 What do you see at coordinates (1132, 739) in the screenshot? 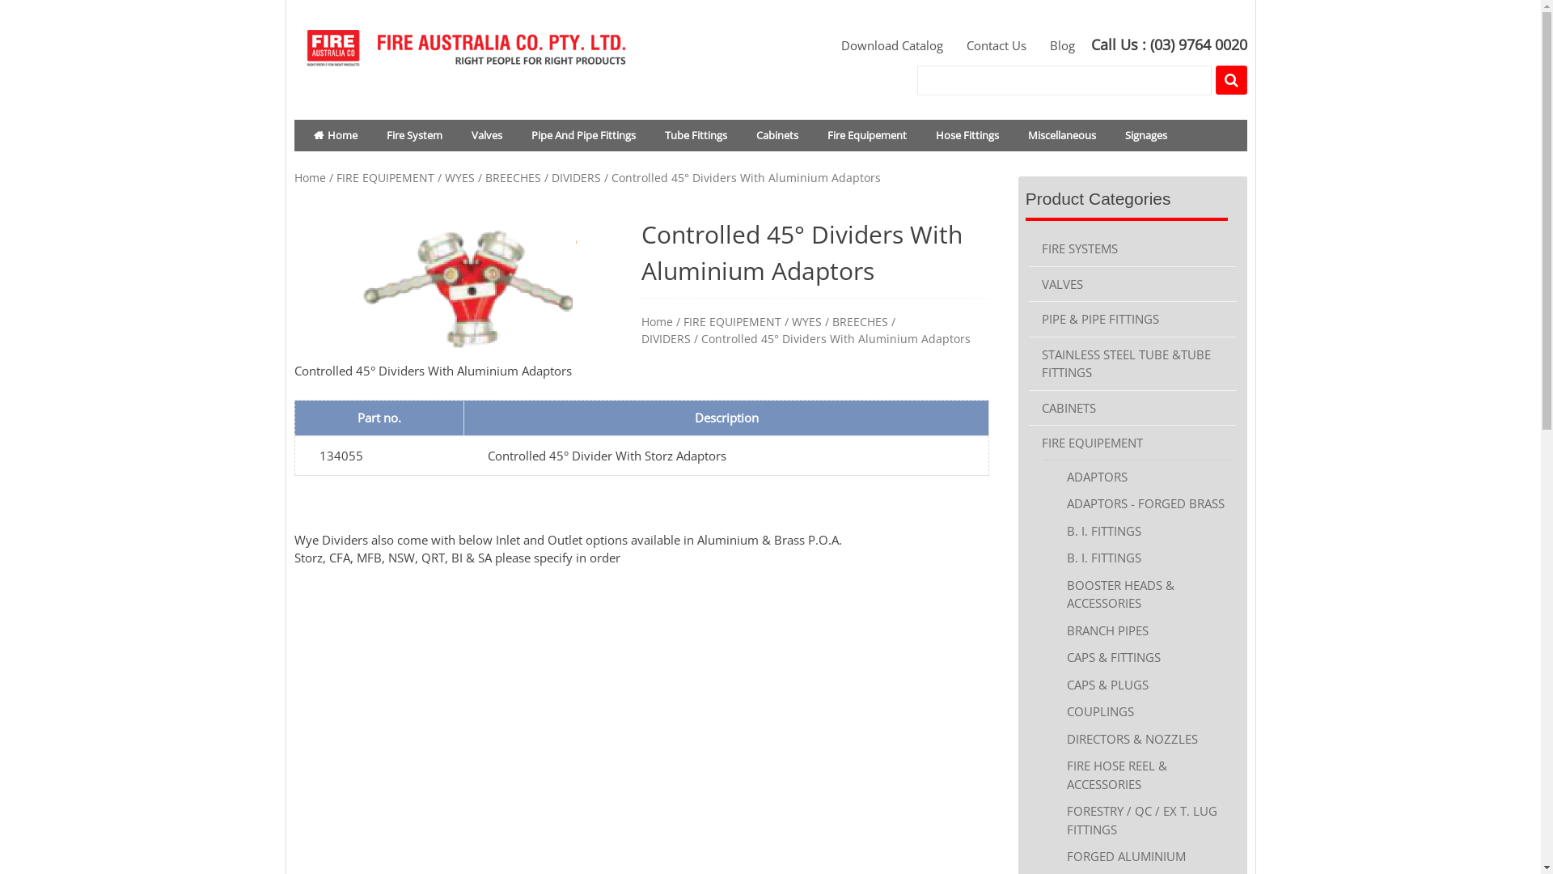
I see `'DIRECTORS & NOZZLES'` at bounding box center [1132, 739].